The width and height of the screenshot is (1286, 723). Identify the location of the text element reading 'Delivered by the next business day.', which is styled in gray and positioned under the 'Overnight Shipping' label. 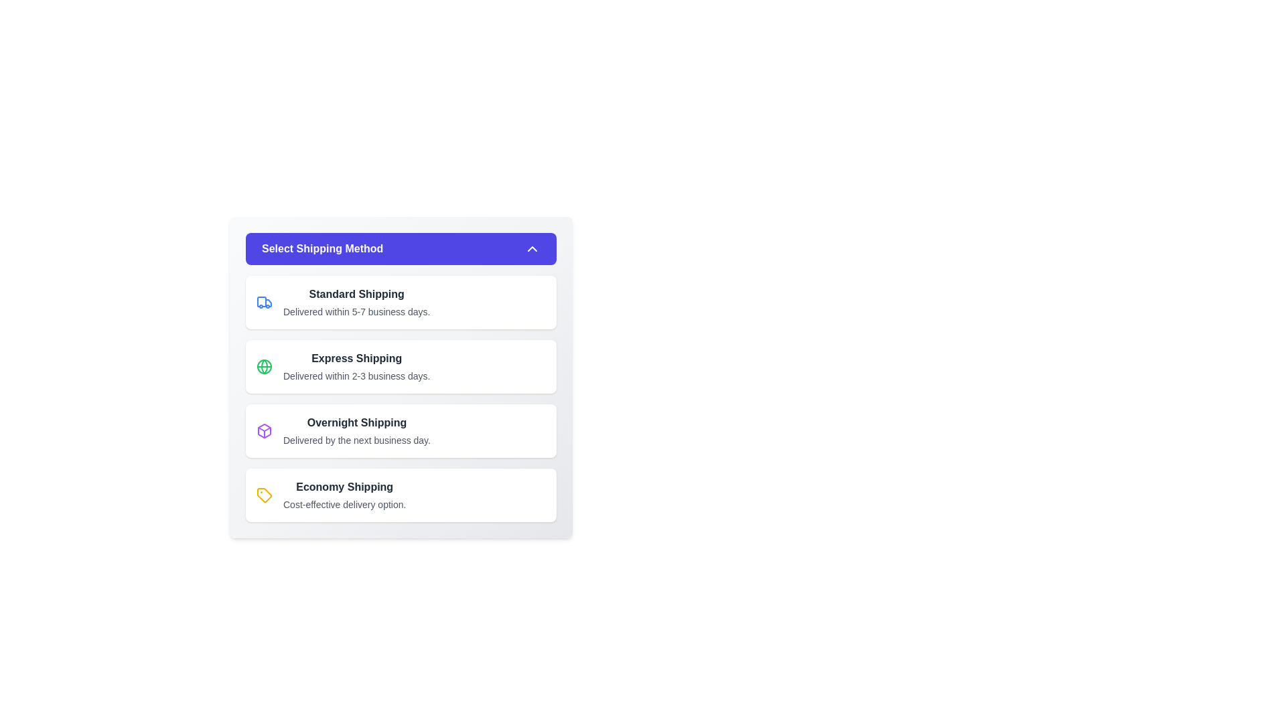
(356, 440).